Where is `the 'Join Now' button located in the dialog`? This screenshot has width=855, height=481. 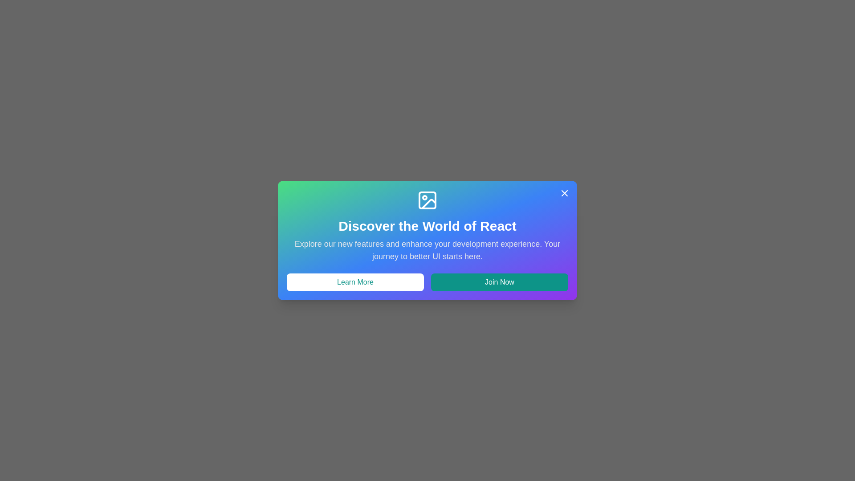 the 'Join Now' button located in the dialog is located at coordinates (500, 282).